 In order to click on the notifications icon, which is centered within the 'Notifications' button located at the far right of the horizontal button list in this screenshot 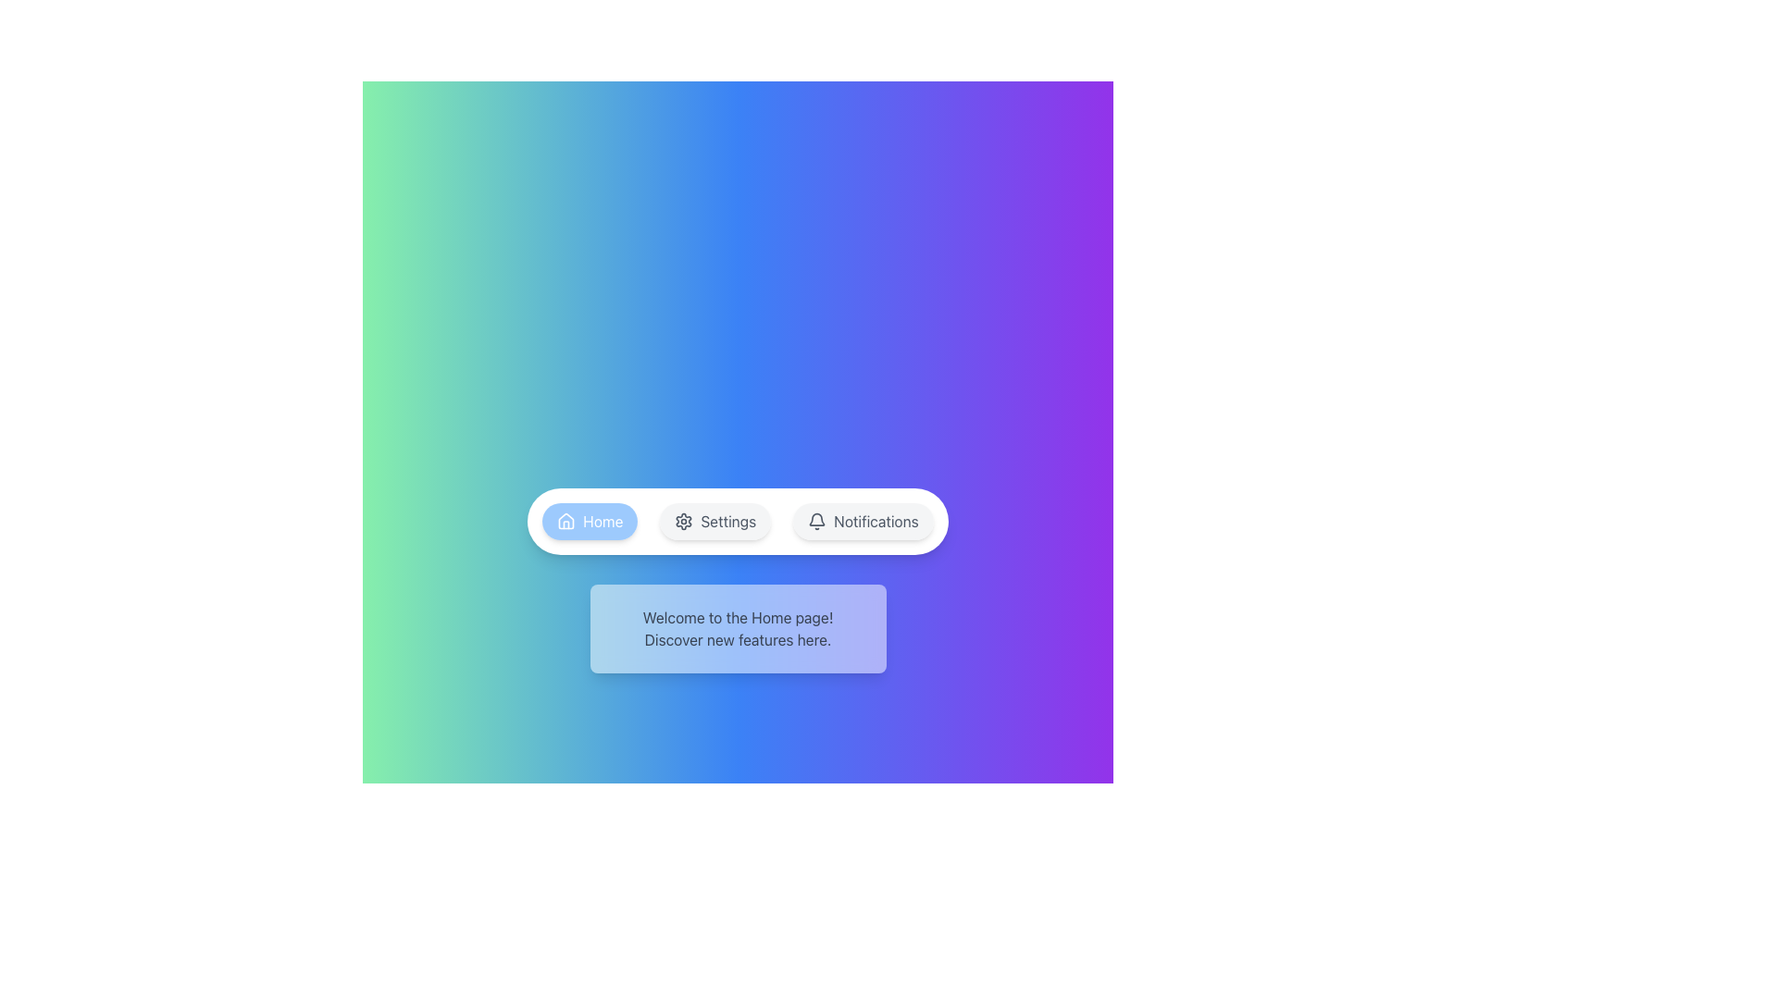, I will do `click(816, 521)`.